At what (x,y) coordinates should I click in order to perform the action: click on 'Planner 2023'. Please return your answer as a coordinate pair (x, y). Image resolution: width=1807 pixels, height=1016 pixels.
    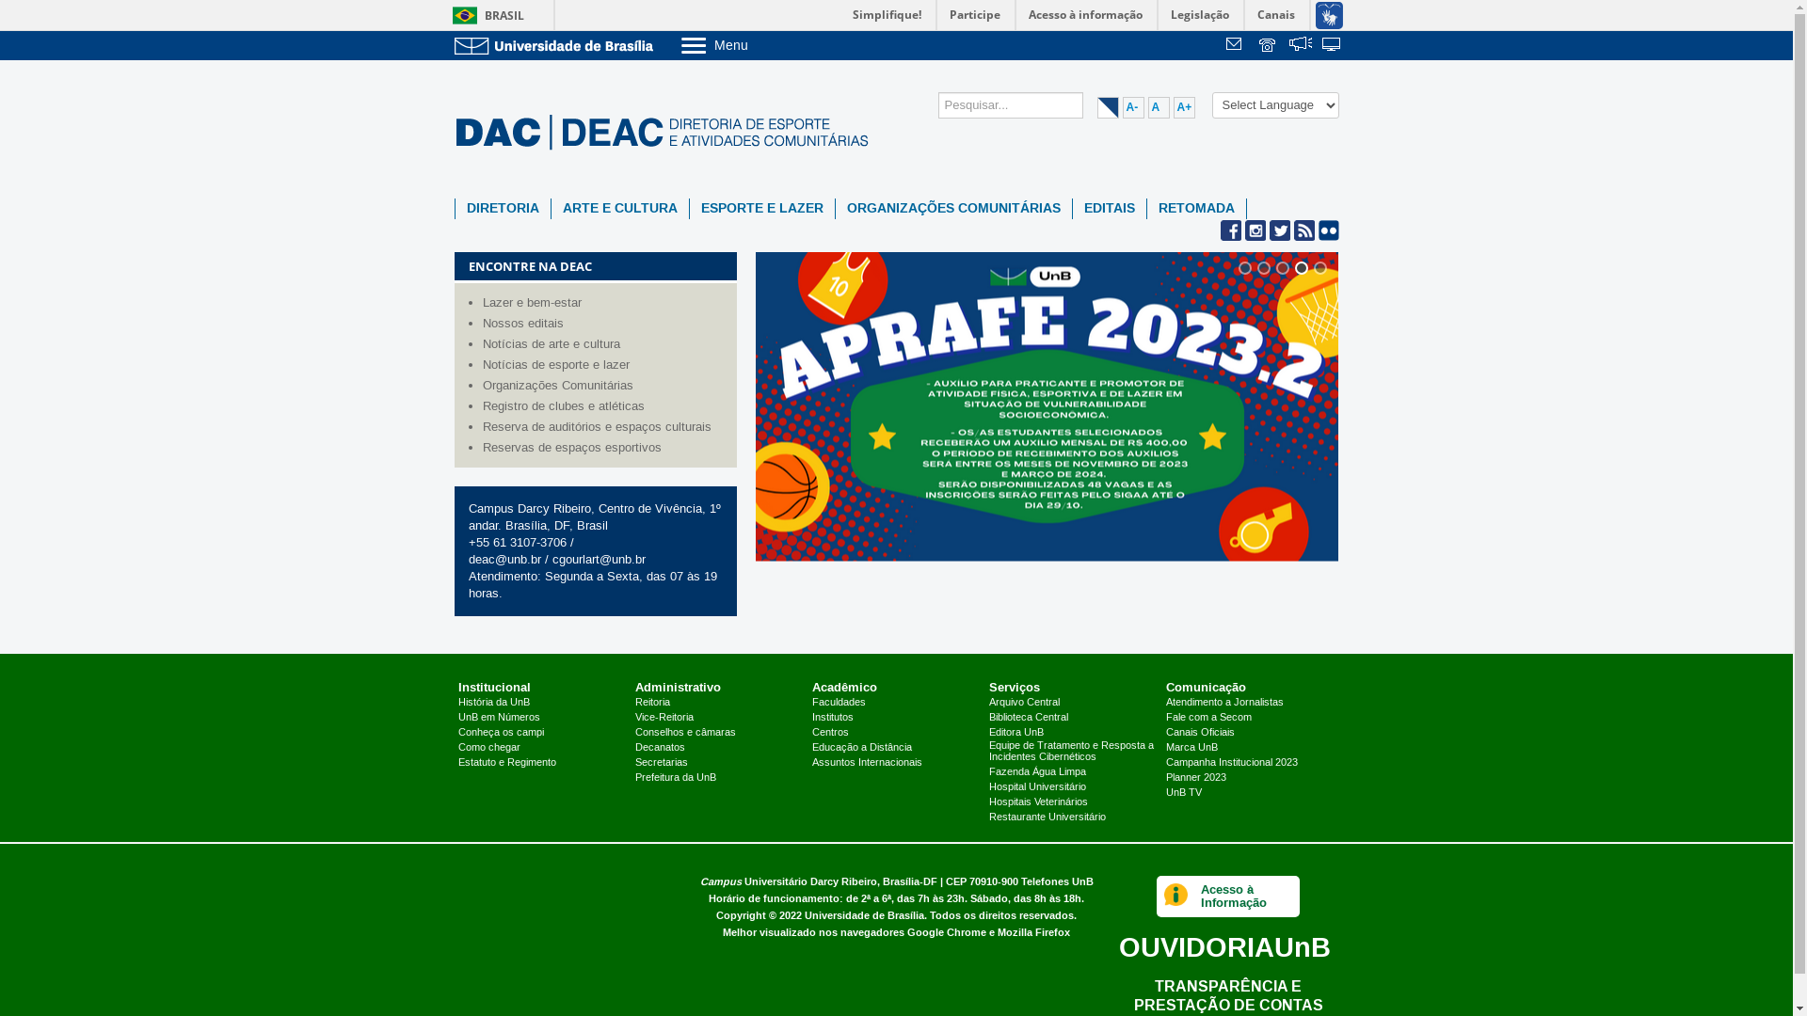
    Looking at the image, I should click on (1195, 777).